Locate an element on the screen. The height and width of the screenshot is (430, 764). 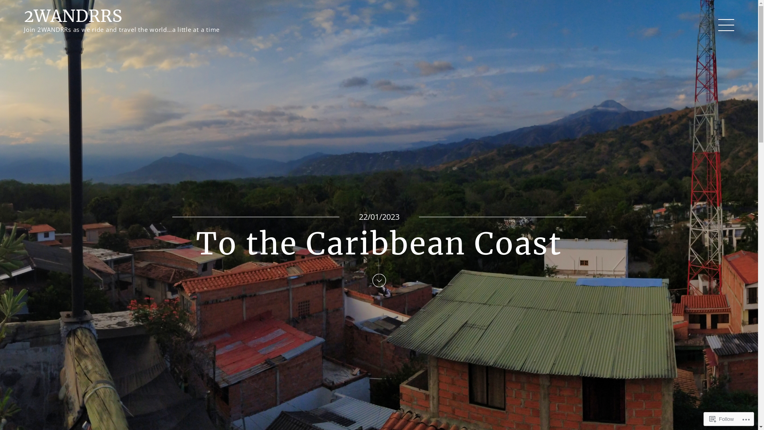
'2WANDRRS' is located at coordinates (73, 16).